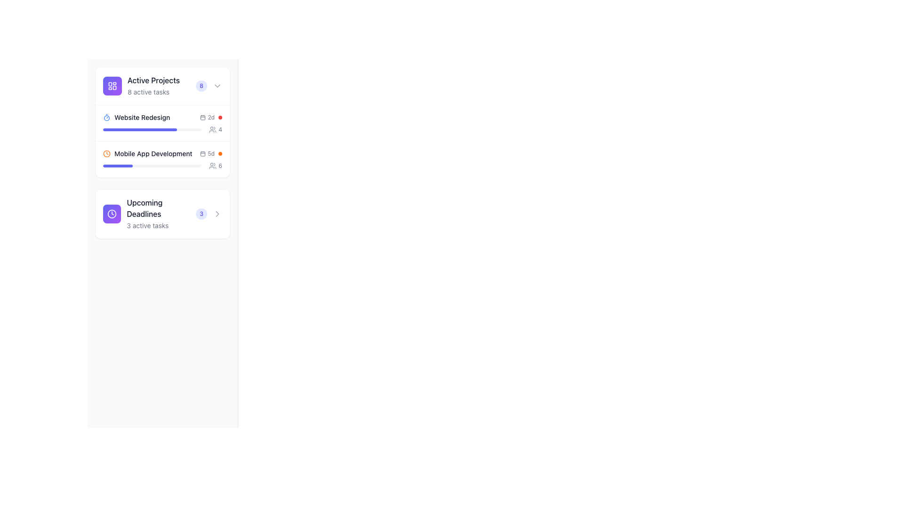 Image resolution: width=904 pixels, height=508 pixels. I want to click on the project titles within the 'Active Projects' card, so click(162, 121).